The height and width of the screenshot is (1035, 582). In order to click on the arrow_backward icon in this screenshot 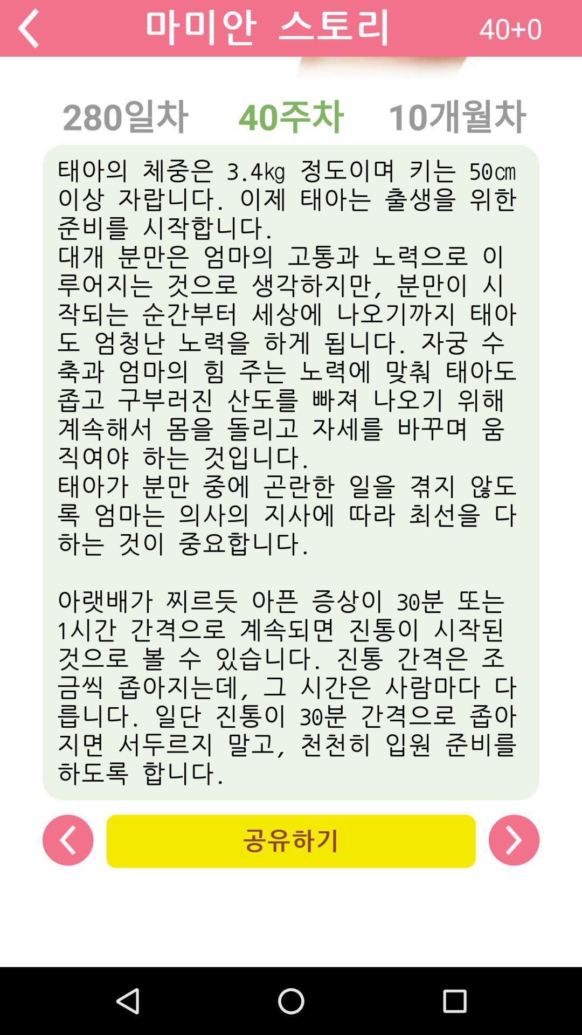, I will do `click(68, 899)`.